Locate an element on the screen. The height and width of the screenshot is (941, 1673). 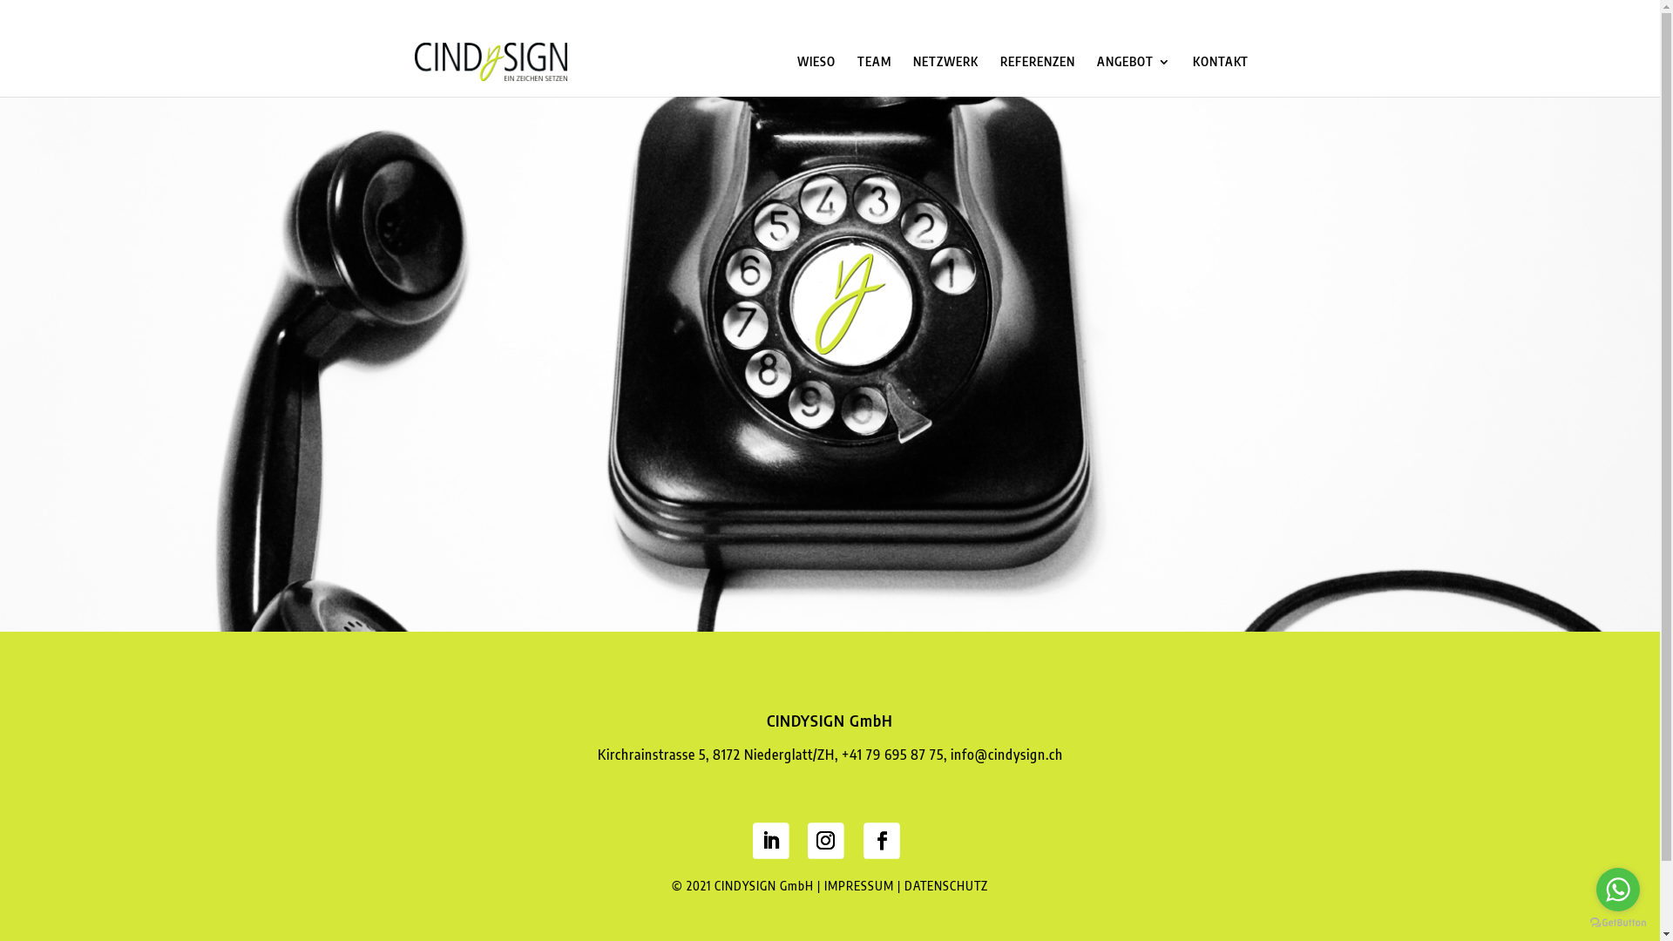
'NETZWERK' is located at coordinates (945, 75).